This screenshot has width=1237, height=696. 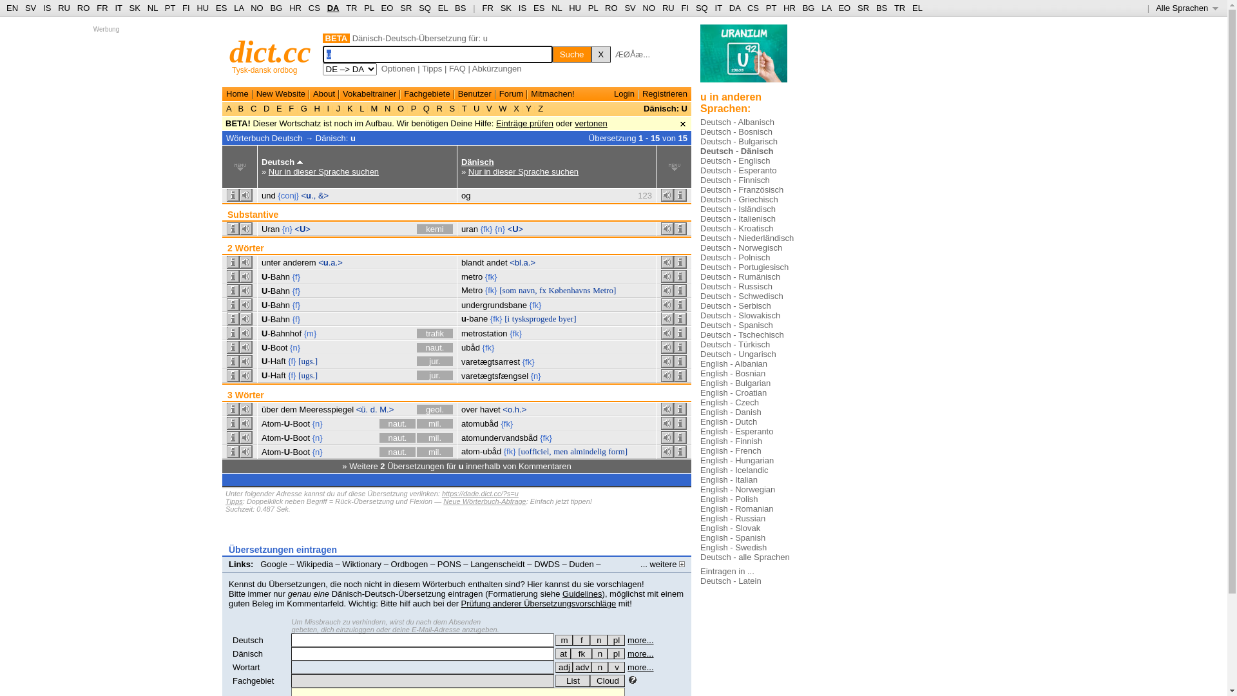 What do you see at coordinates (291, 108) in the screenshot?
I see `'F'` at bounding box center [291, 108].